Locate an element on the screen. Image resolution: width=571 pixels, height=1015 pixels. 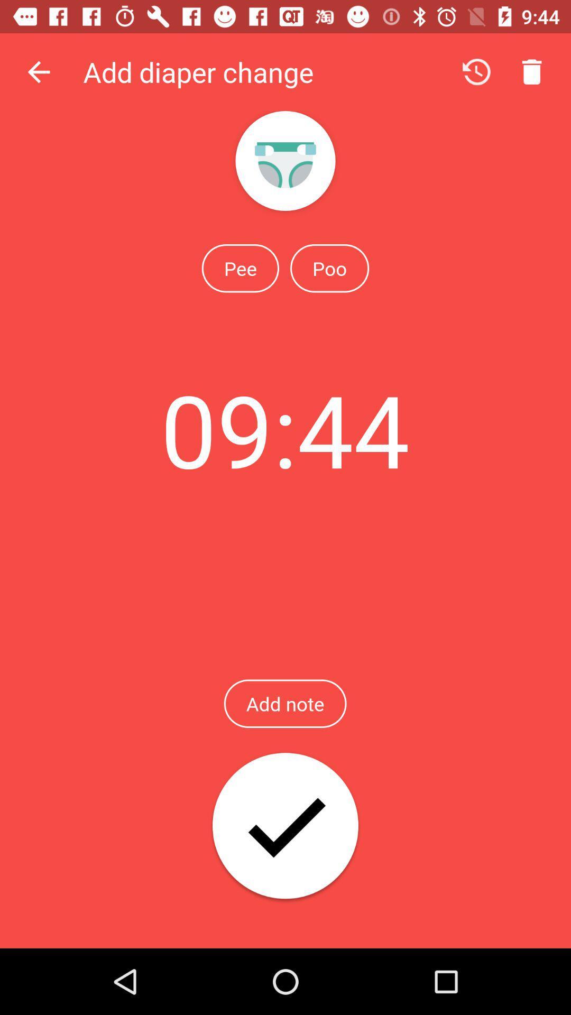
the pee icon is located at coordinates (240, 268).